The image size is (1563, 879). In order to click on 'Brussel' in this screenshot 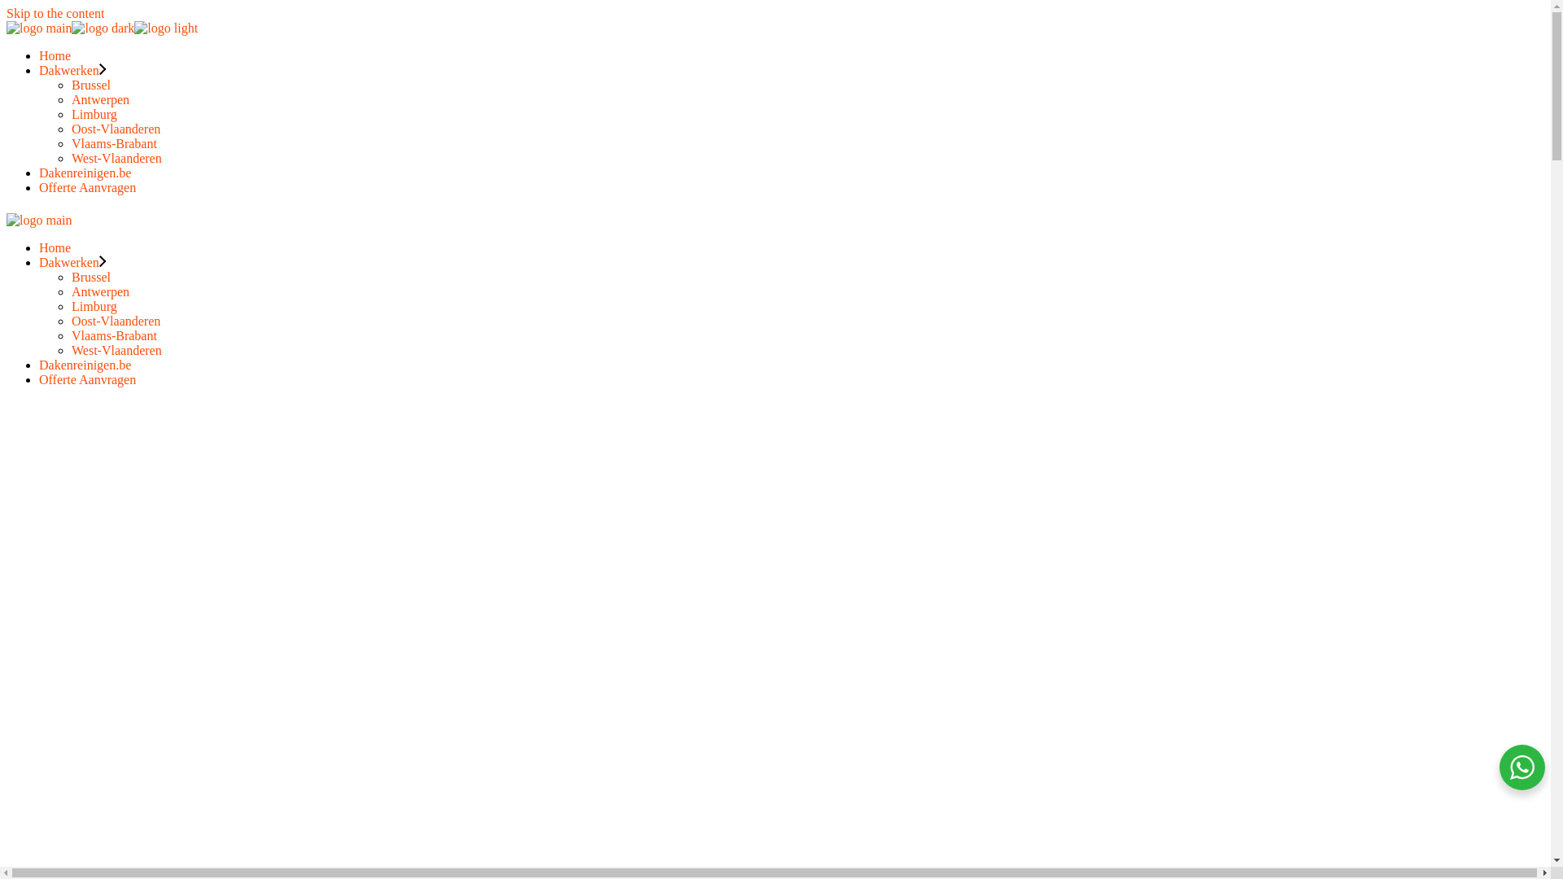, I will do `click(90, 276)`.